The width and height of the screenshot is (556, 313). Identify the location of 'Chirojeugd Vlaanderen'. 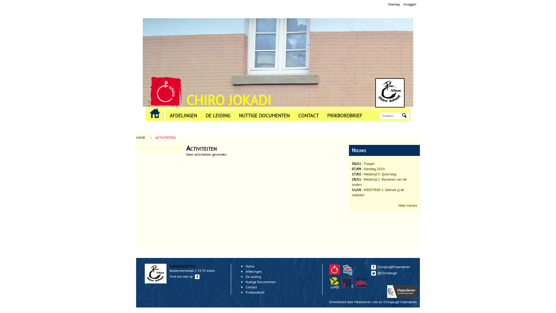
(335, 274).